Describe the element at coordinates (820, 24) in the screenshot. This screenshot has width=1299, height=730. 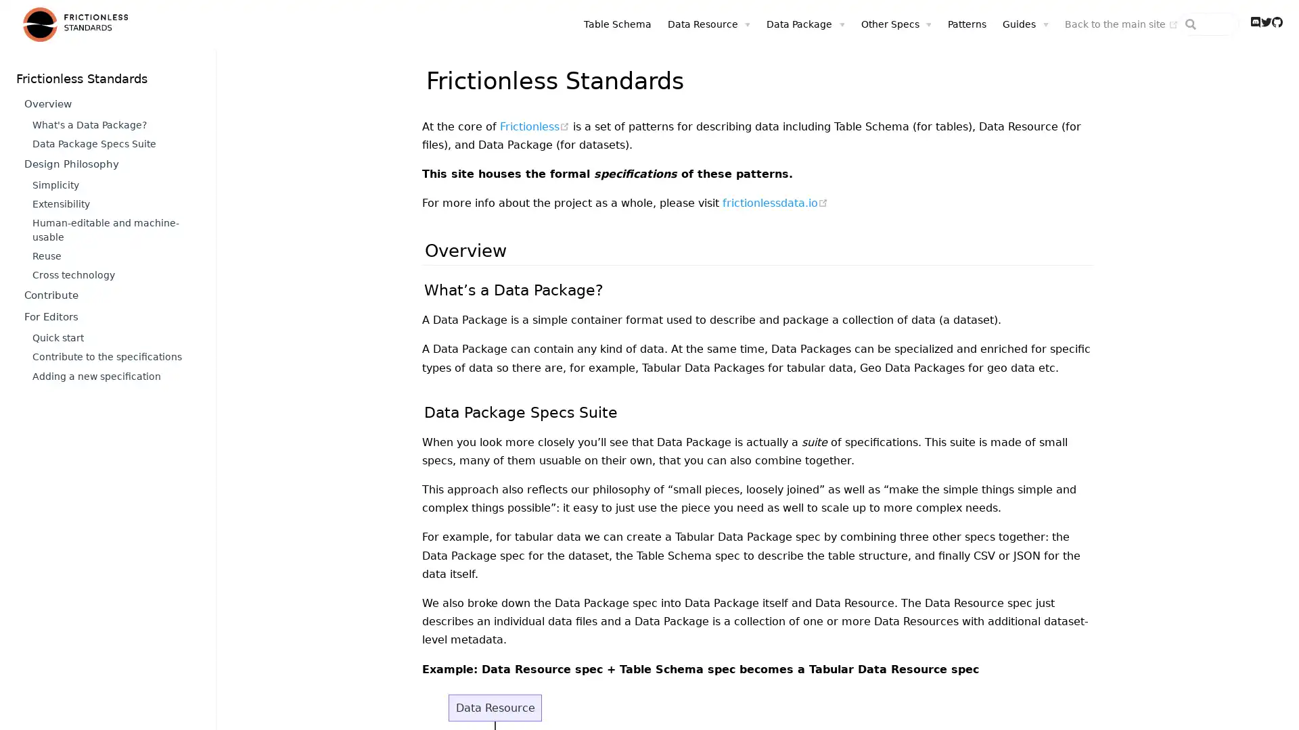
I see `Other Specs` at that location.